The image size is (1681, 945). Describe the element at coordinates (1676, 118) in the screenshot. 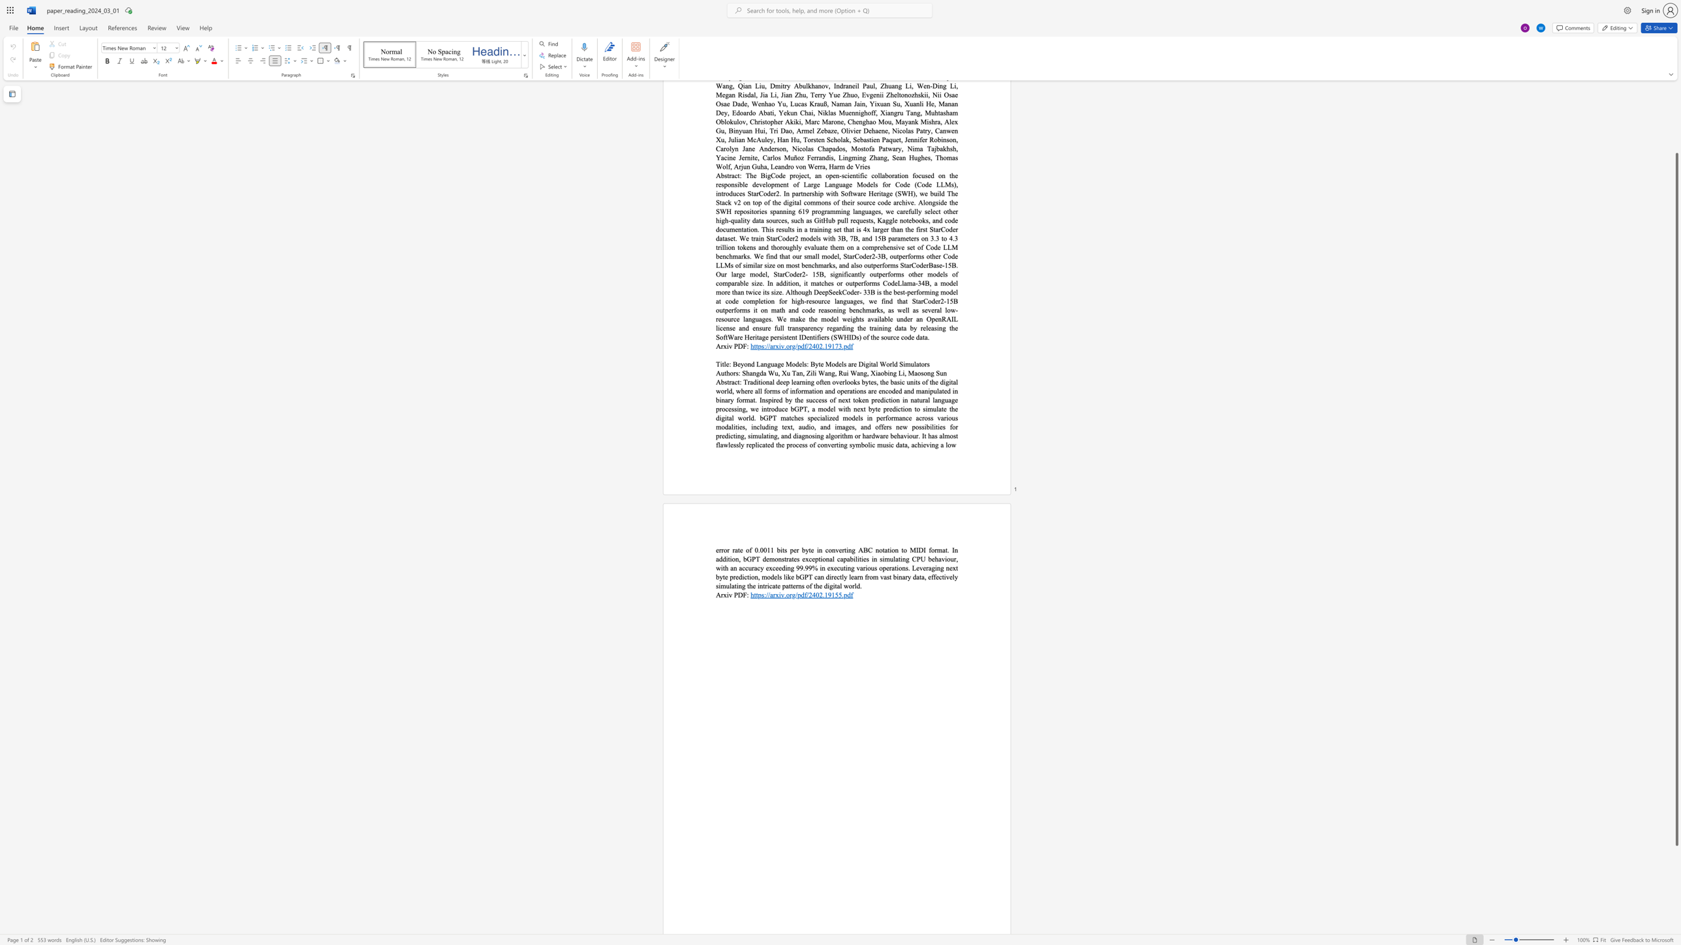

I see `the scrollbar to slide the page up` at that location.